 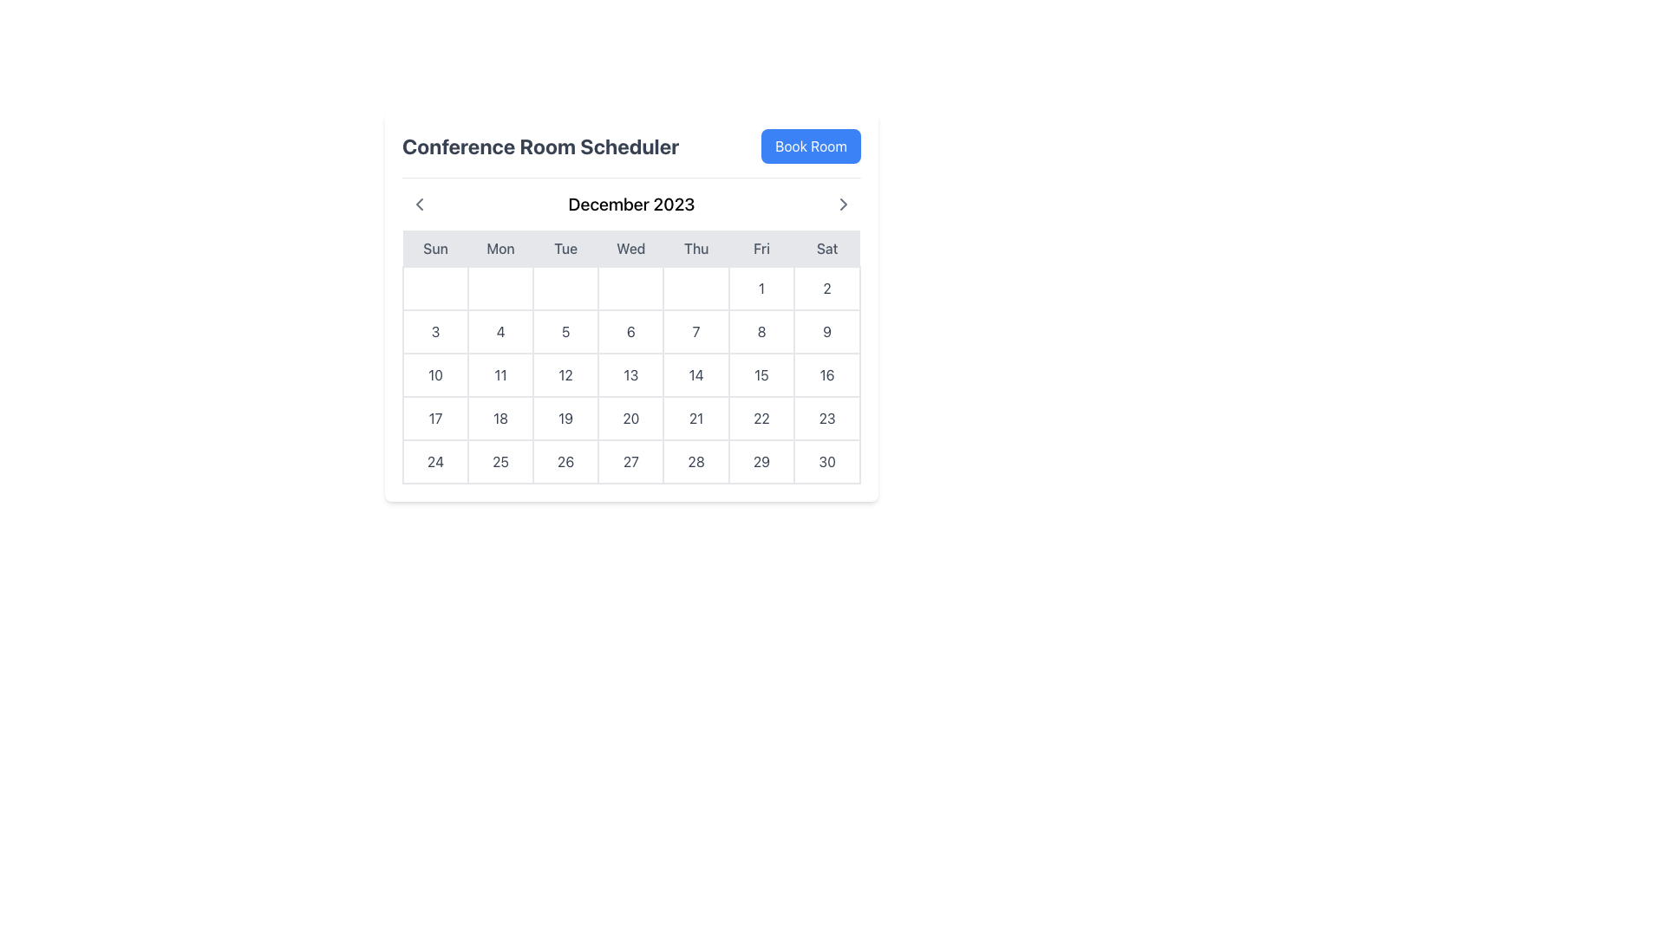 I want to click on the left navigation icon in the calendar header, so click(x=420, y=203).